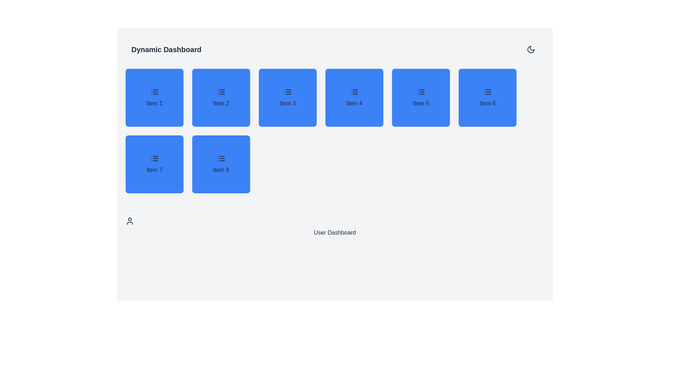  Describe the element at coordinates (220, 92) in the screenshot. I see `the icon located within the second card labeled 'Item 2' in the first row of the grid of blue cards below the heading 'Dynamic Dashboard' for associated card interaction` at that location.